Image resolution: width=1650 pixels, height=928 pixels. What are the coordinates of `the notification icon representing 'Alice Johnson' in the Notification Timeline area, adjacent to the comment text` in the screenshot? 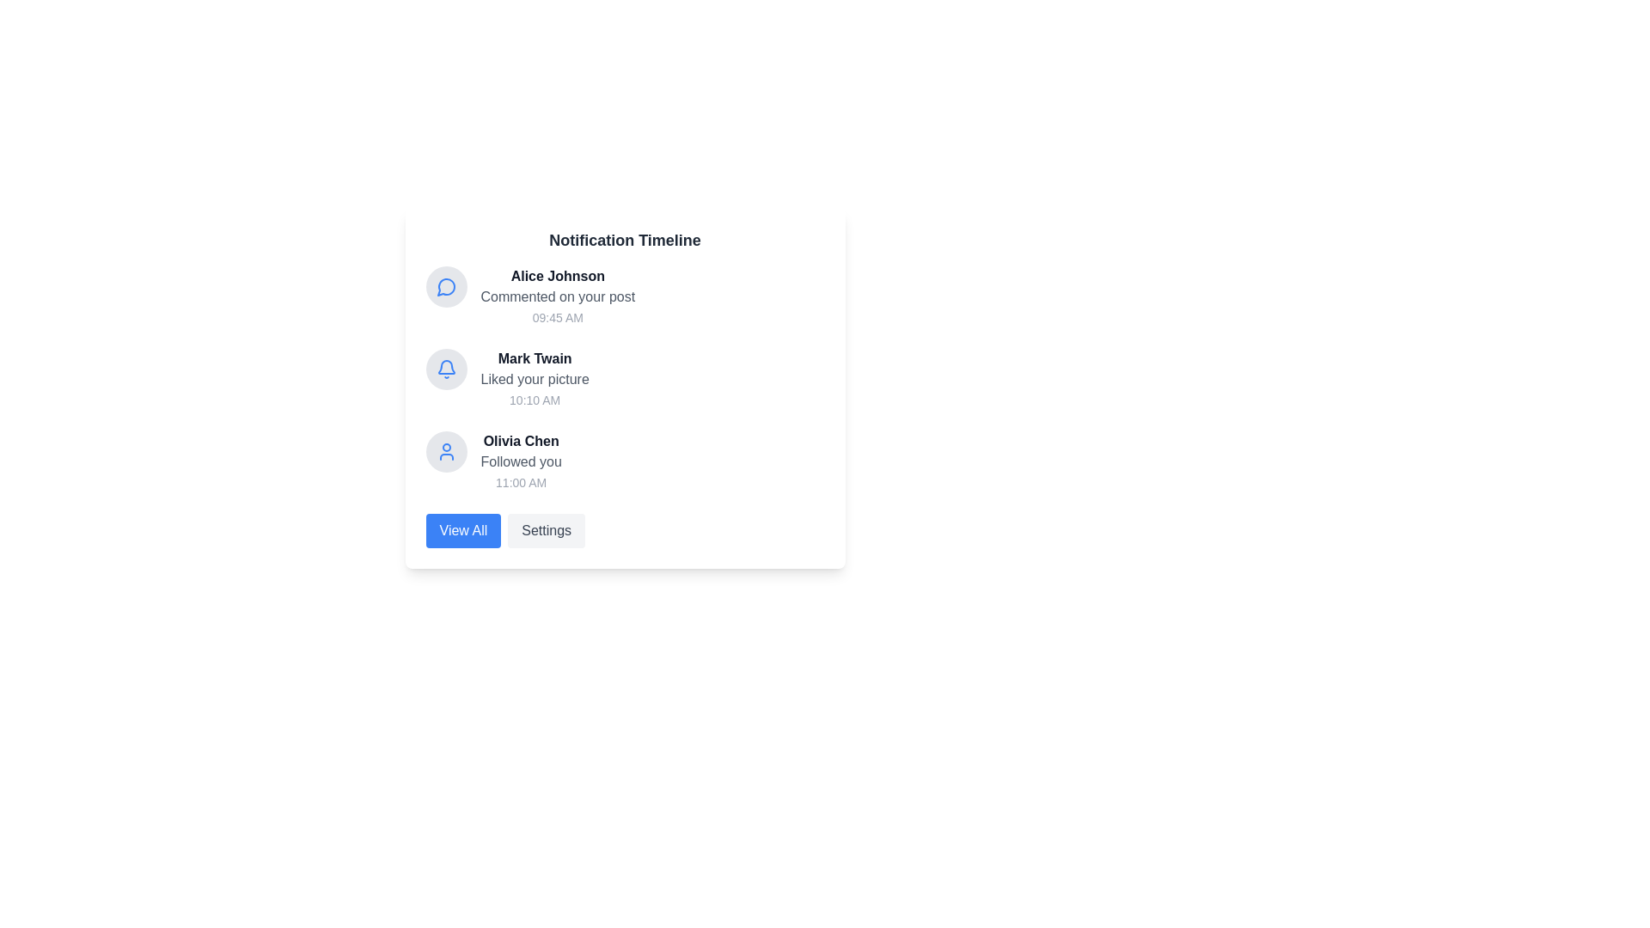 It's located at (445, 286).